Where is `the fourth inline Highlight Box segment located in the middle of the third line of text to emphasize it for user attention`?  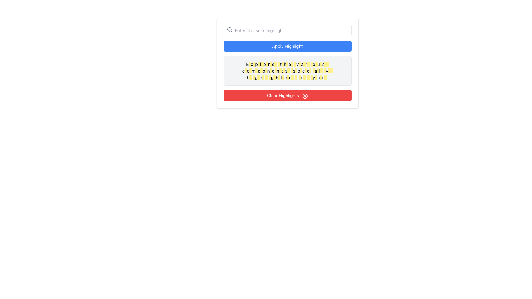
the fourth inline Highlight Box segment located in the middle of the third line of text to emphasize it for user attention is located at coordinates (263, 78).